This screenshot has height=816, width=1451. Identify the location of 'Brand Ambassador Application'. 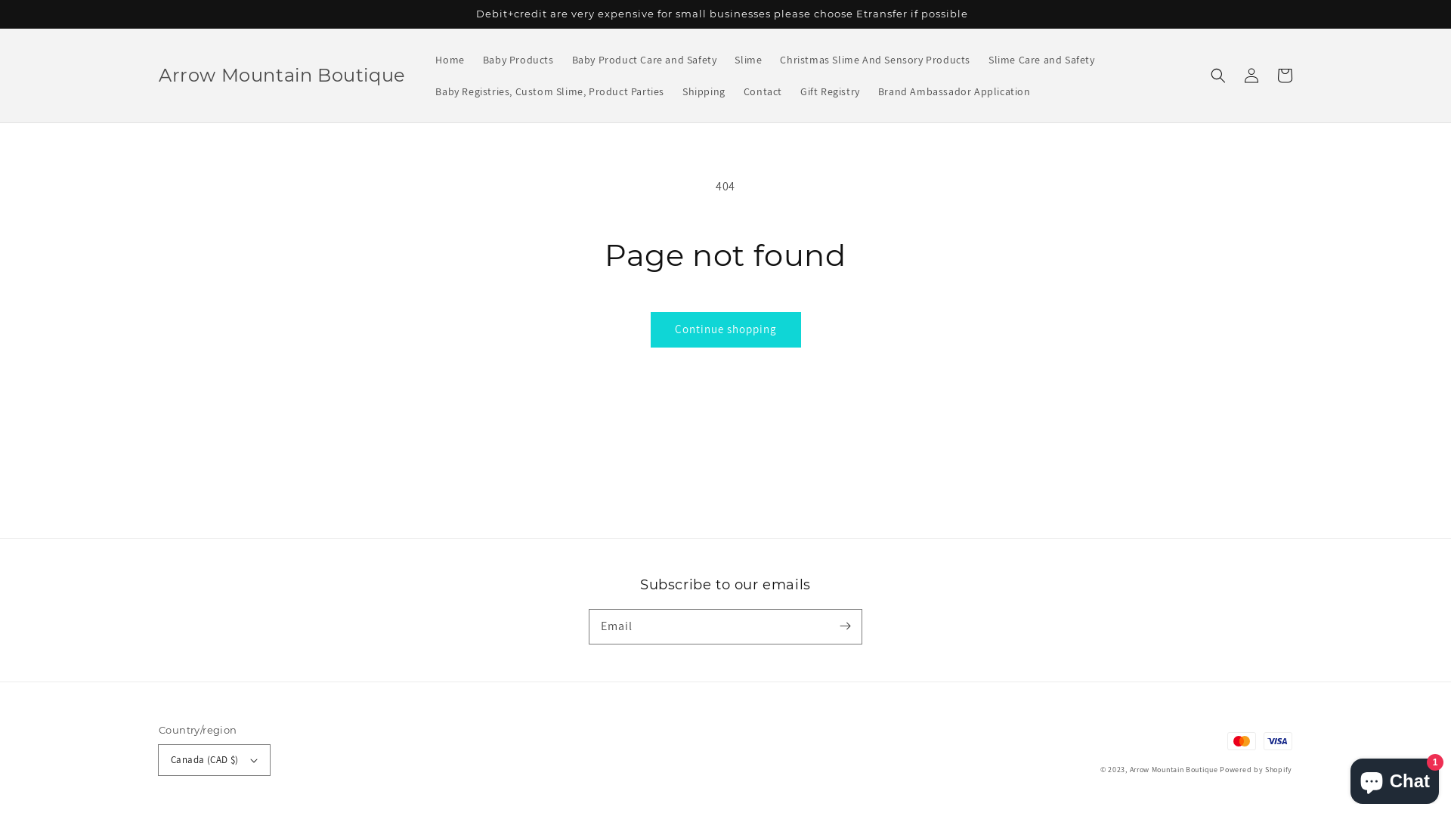
(953, 91).